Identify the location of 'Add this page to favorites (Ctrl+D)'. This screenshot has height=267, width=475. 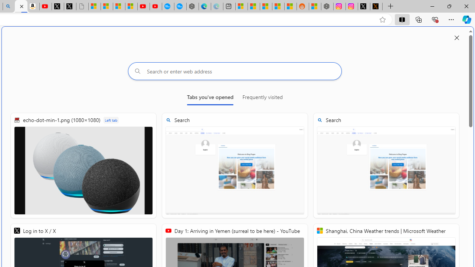
(383, 19).